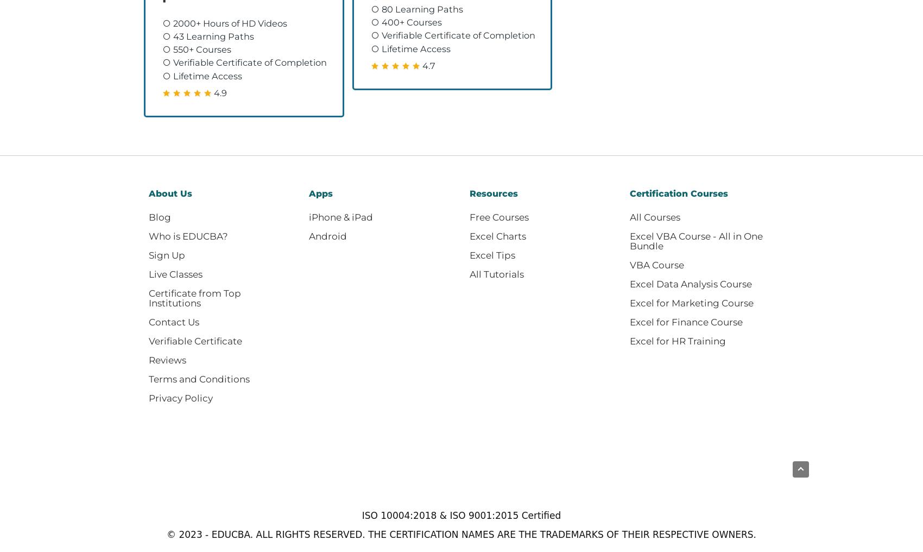  I want to click on 'Certification Courses', so click(630, 193).